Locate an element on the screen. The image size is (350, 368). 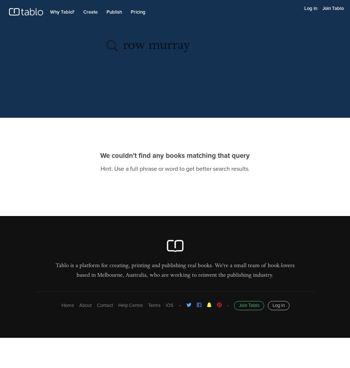
'Log in' is located at coordinates (278, 305).